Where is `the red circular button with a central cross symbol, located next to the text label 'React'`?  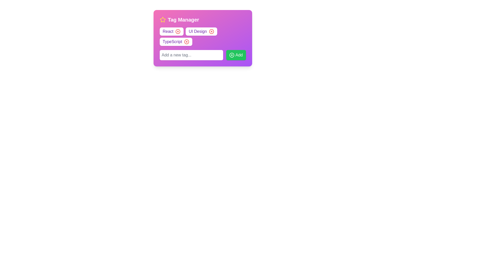
the red circular button with a central cross symbol, located next to the text label 'React' is located at coordinates (178, 32).